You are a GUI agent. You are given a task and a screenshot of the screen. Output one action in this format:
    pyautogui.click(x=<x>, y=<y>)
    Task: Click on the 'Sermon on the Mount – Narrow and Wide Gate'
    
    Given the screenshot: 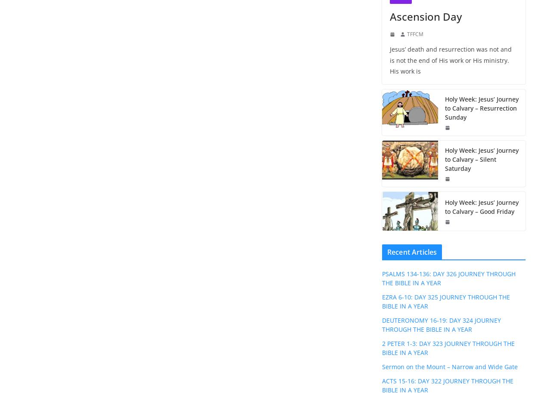 What is the action you would take?
    pyautogui.click(x=450, y=366)
    